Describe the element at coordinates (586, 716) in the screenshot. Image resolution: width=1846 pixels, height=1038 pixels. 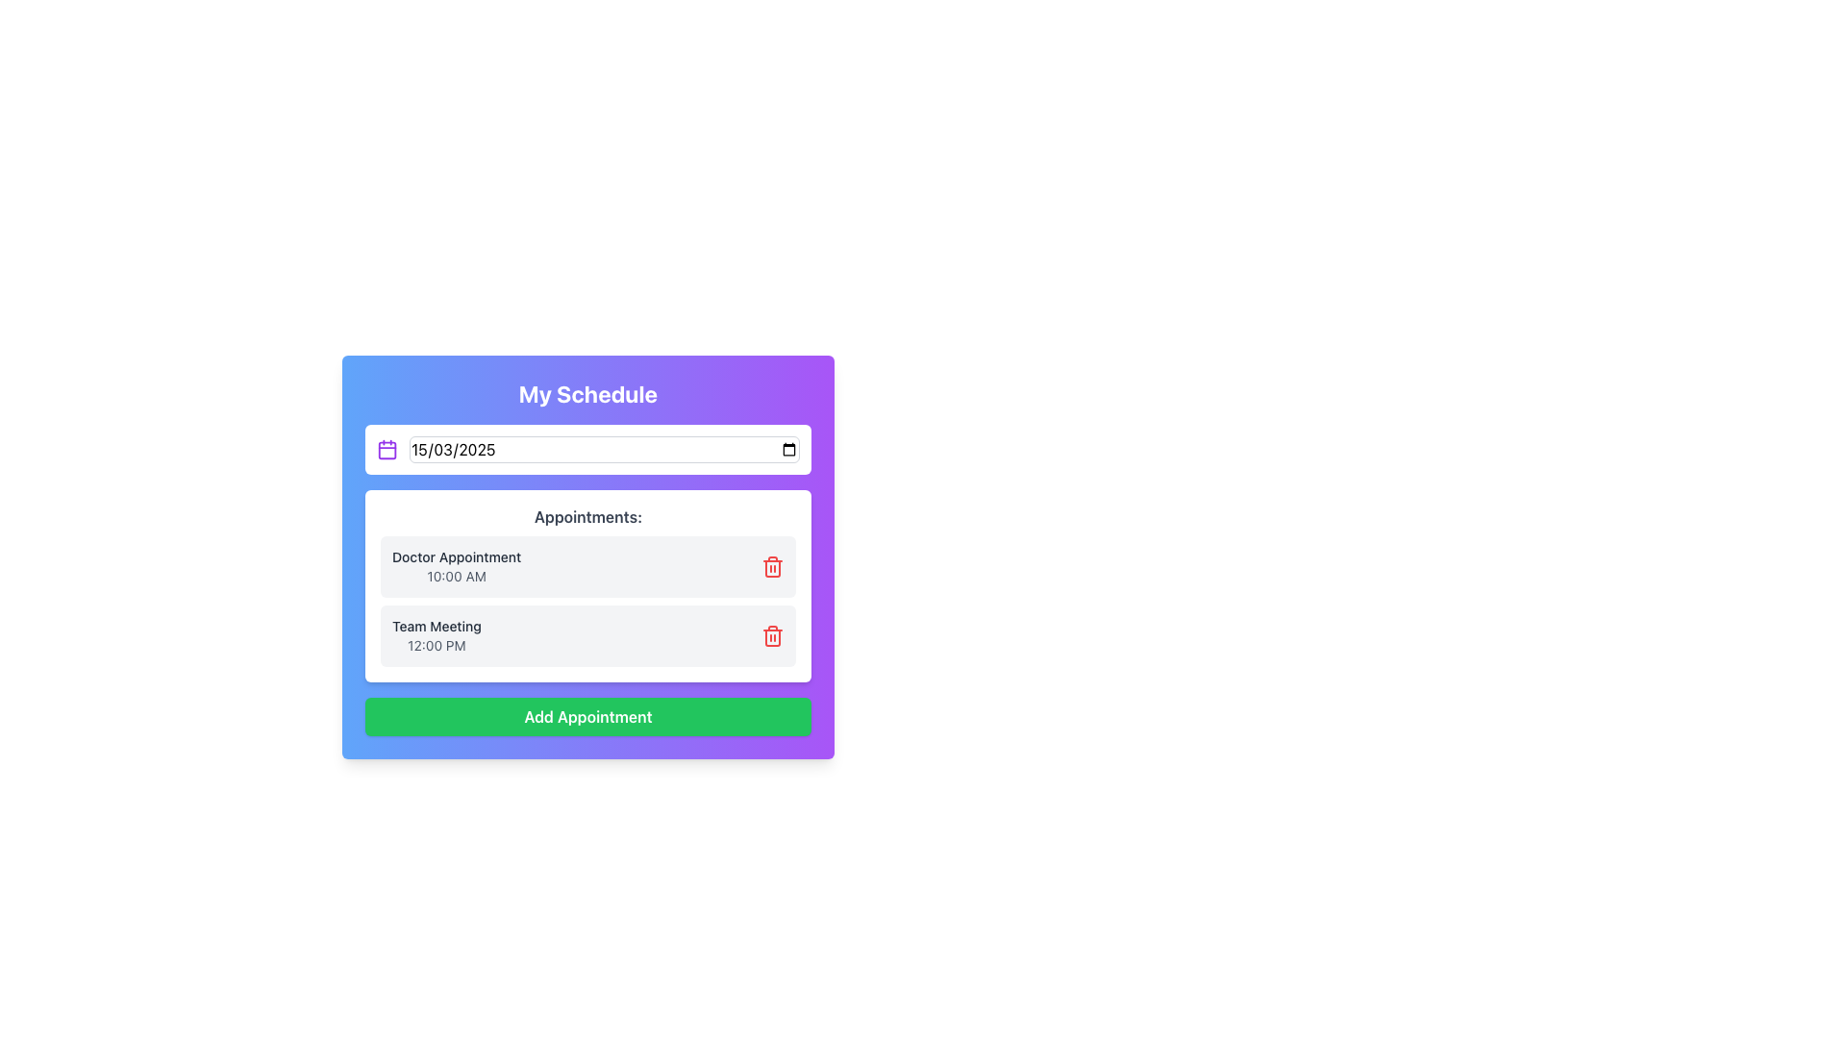
I see `the green 'Add Appointment' button at the bottom of the scheduling section` at that location.